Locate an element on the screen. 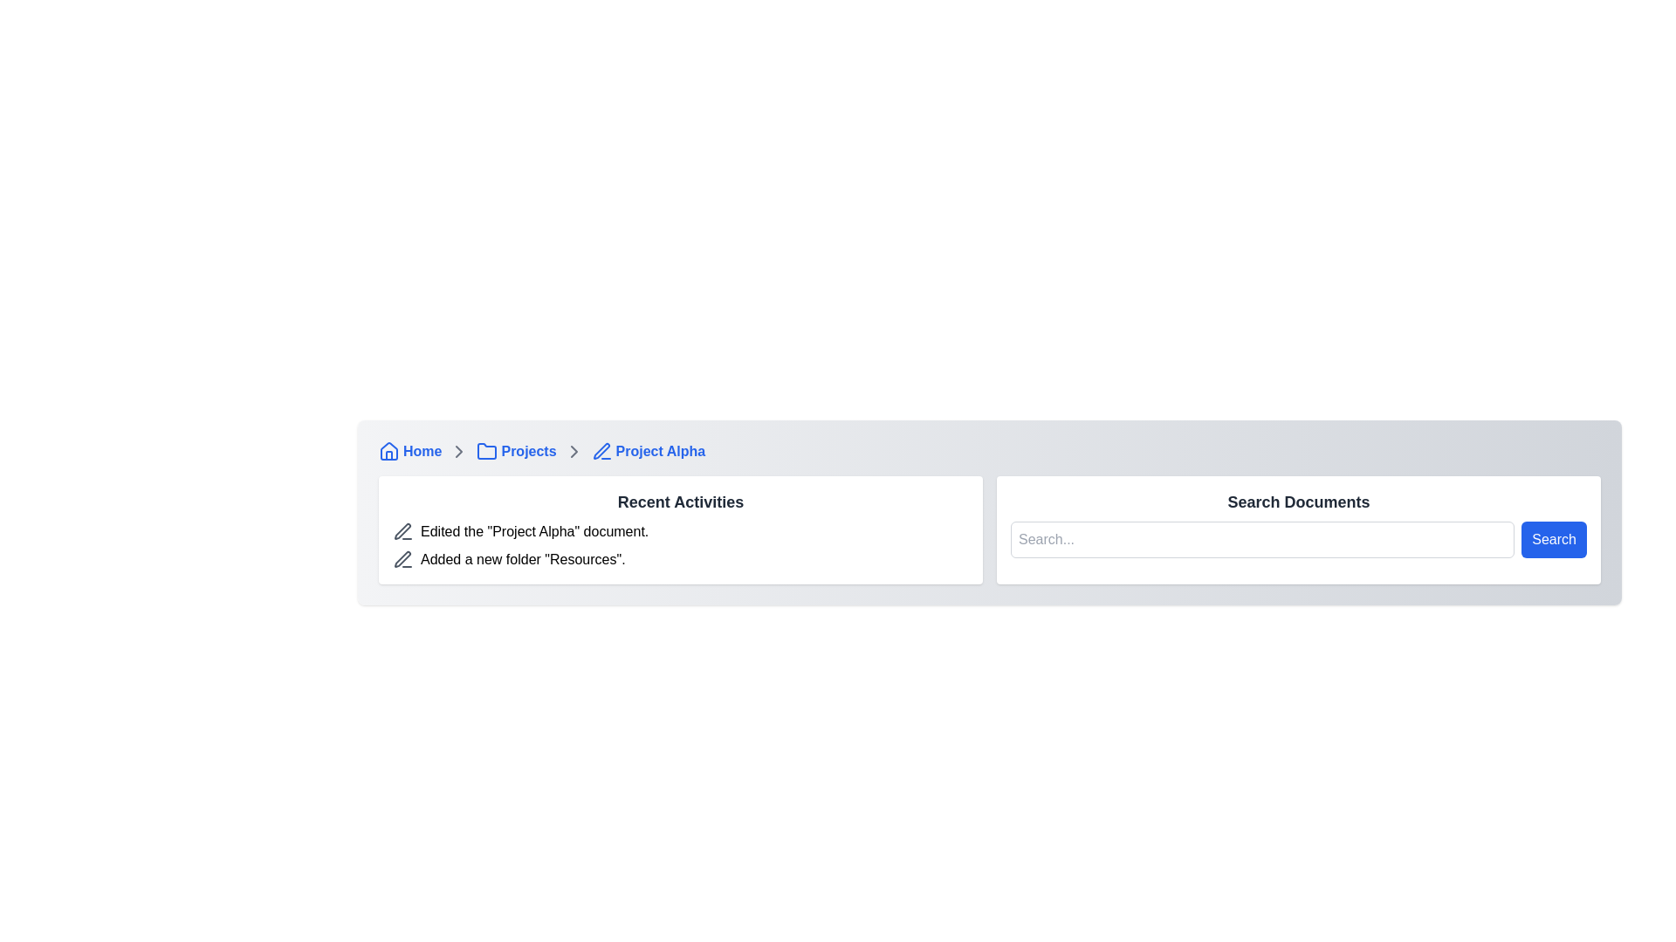  the 'Home' breadcrumb link, which includes a blue house icon and bold blue text is located at coordinates (424, 450).